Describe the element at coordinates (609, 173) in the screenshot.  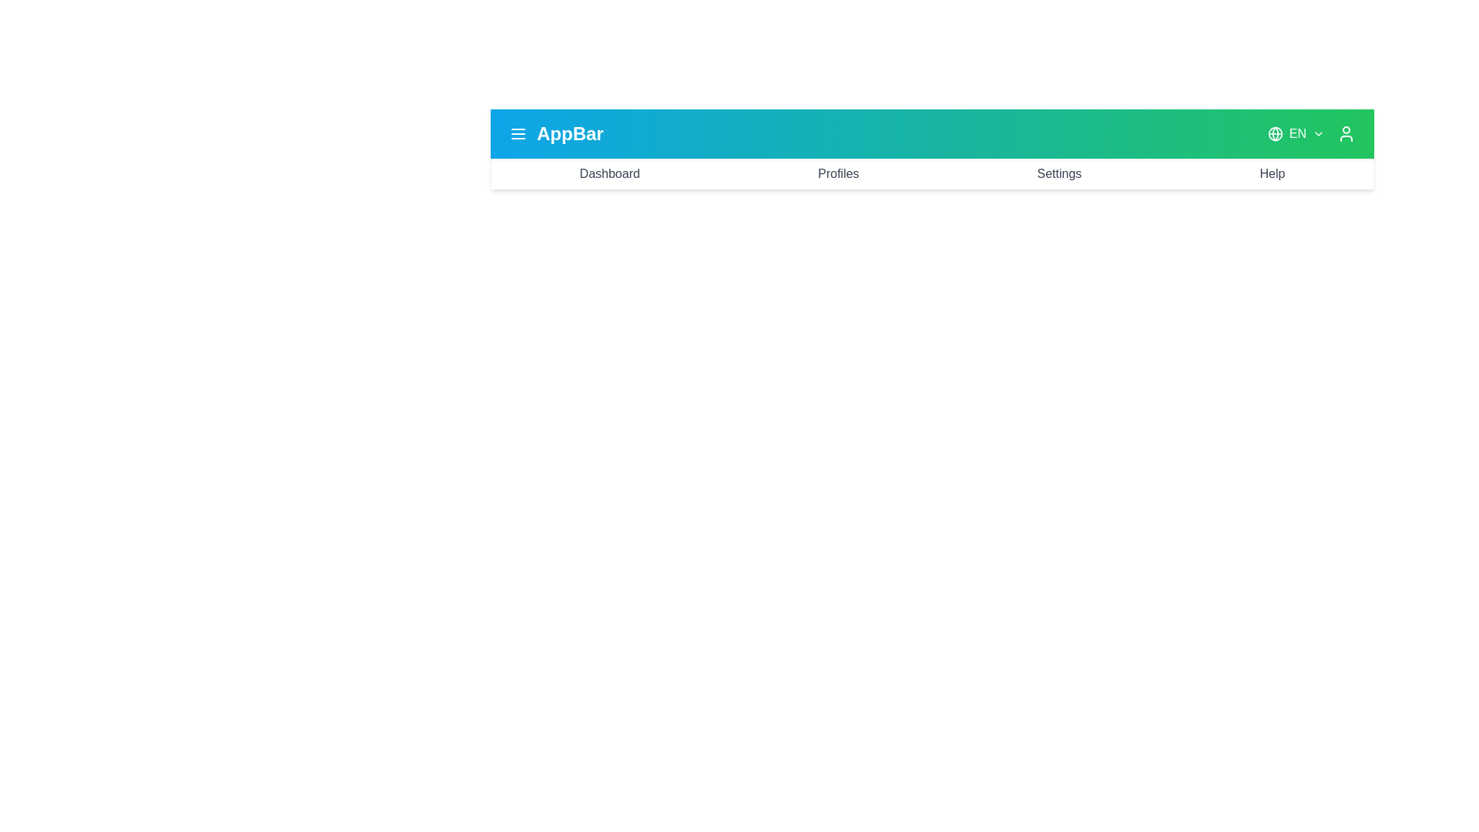
I see `the menu item Dashboard to navigate to the corresponding section` at that location.